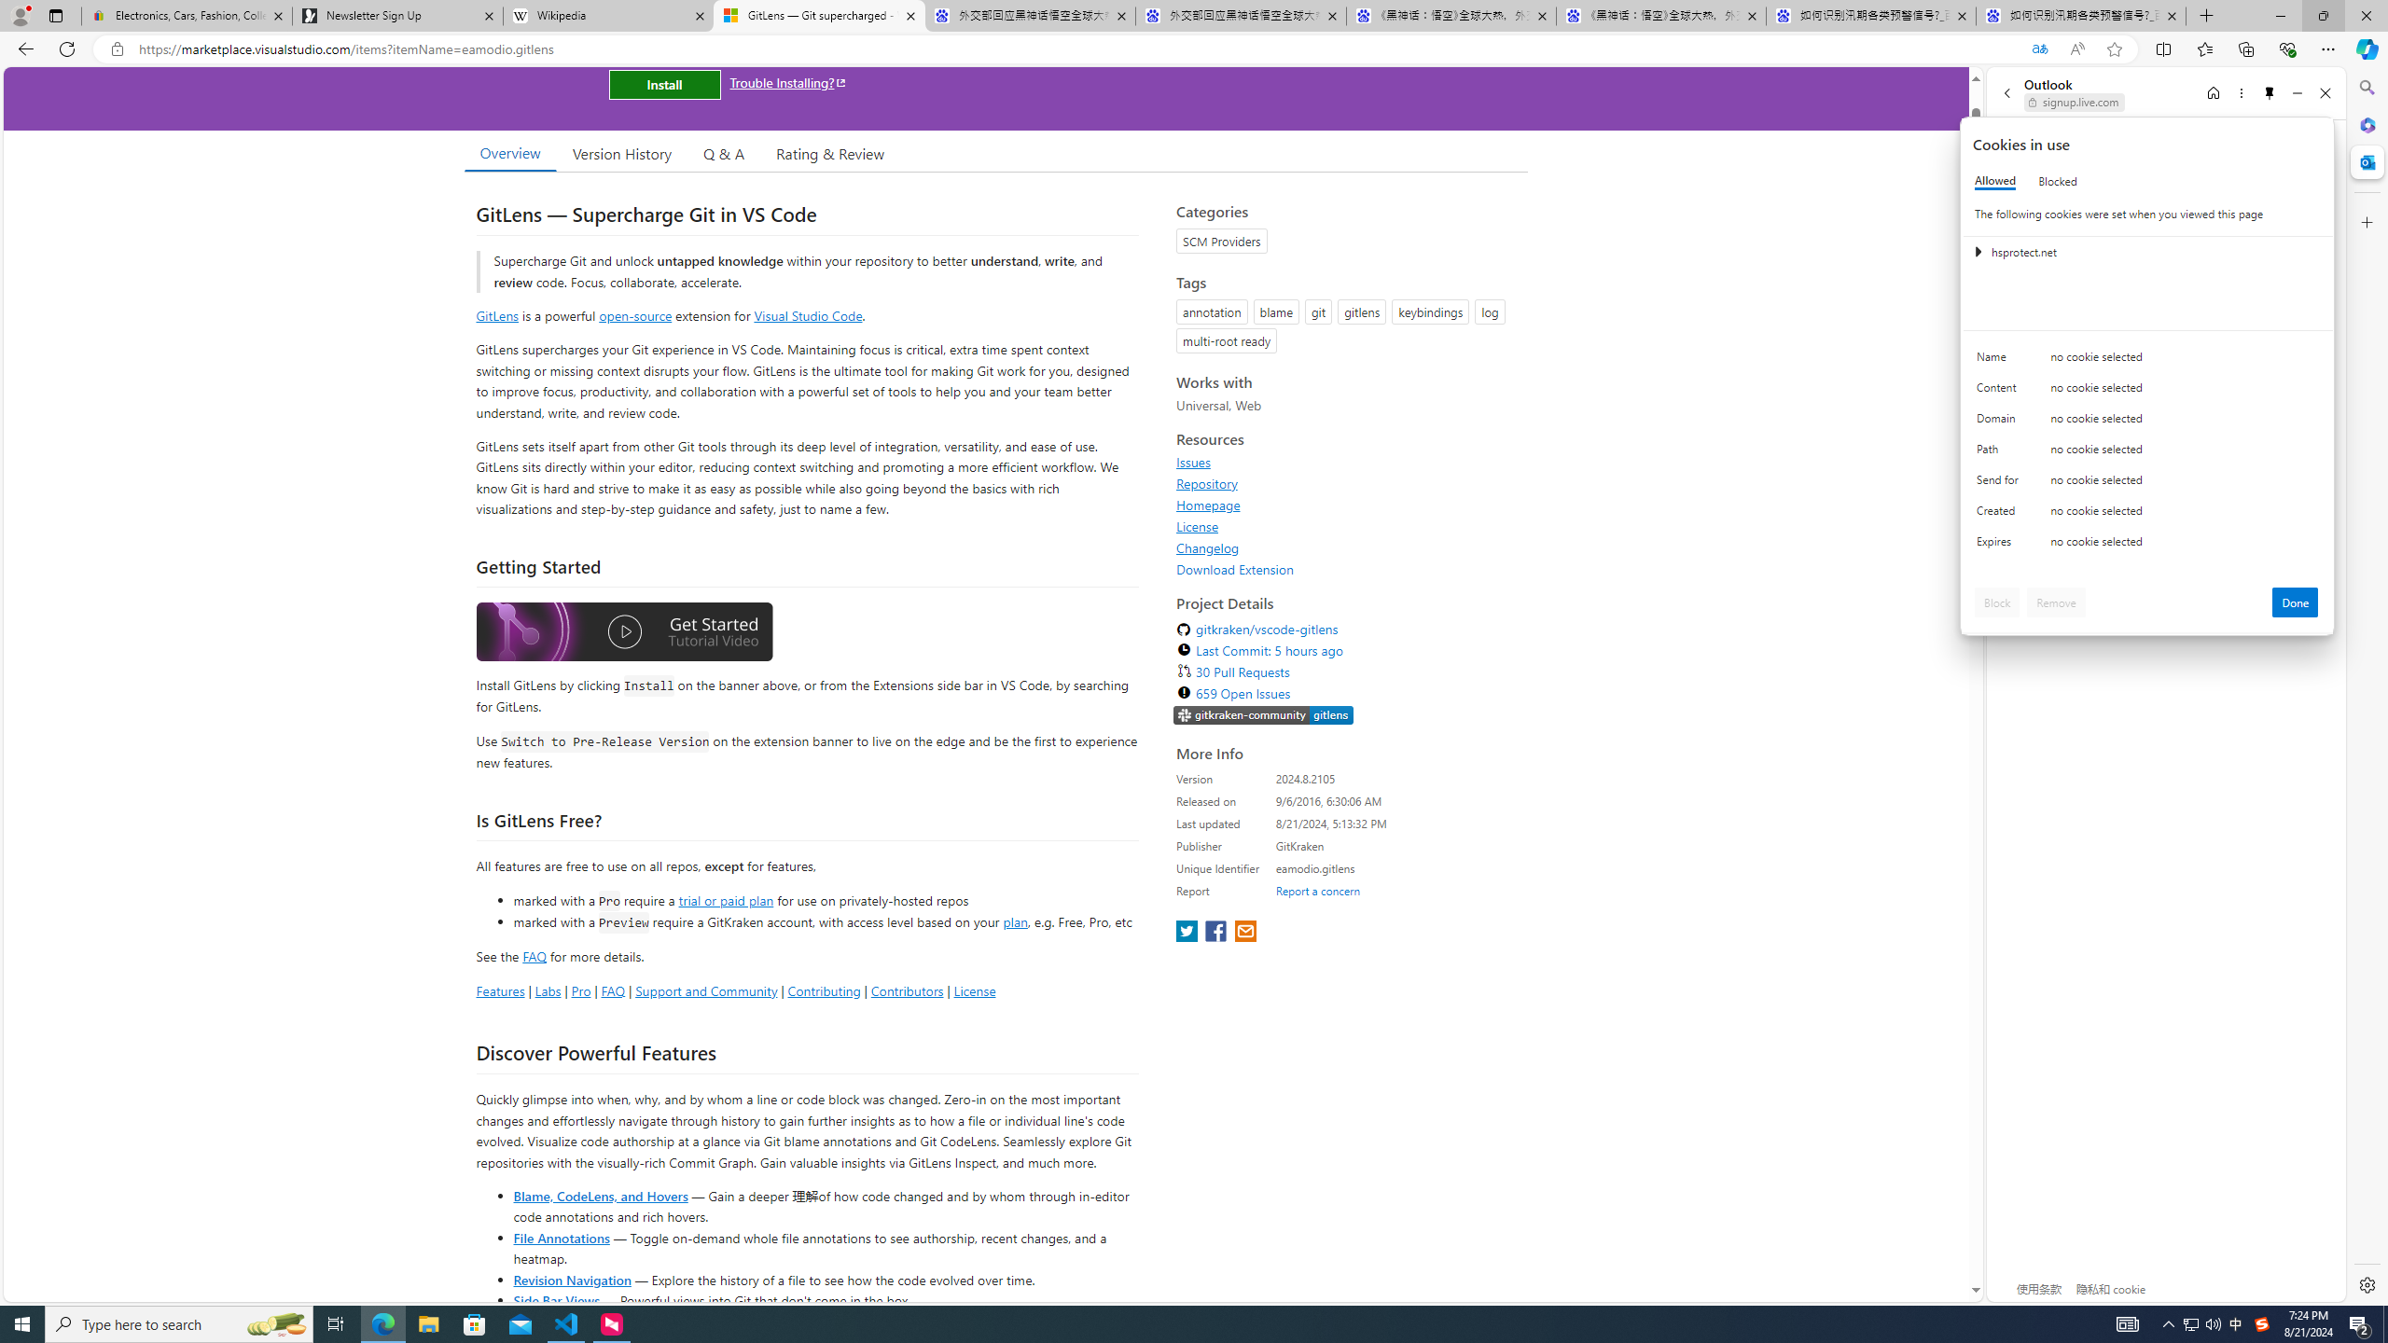  What do you see at coordinates (2296, 602) in the screenshot?
I see `'Done'` at bounding box center [2296, 602].